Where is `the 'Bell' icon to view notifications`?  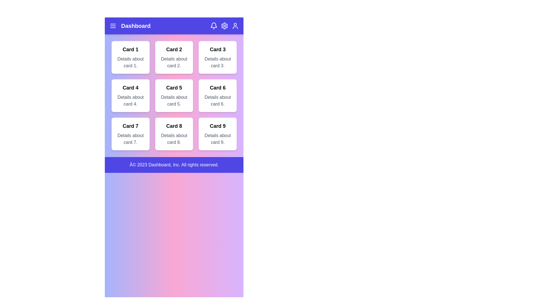 the 'Bell' icon to view notifications is located at coordinates (213, 26).